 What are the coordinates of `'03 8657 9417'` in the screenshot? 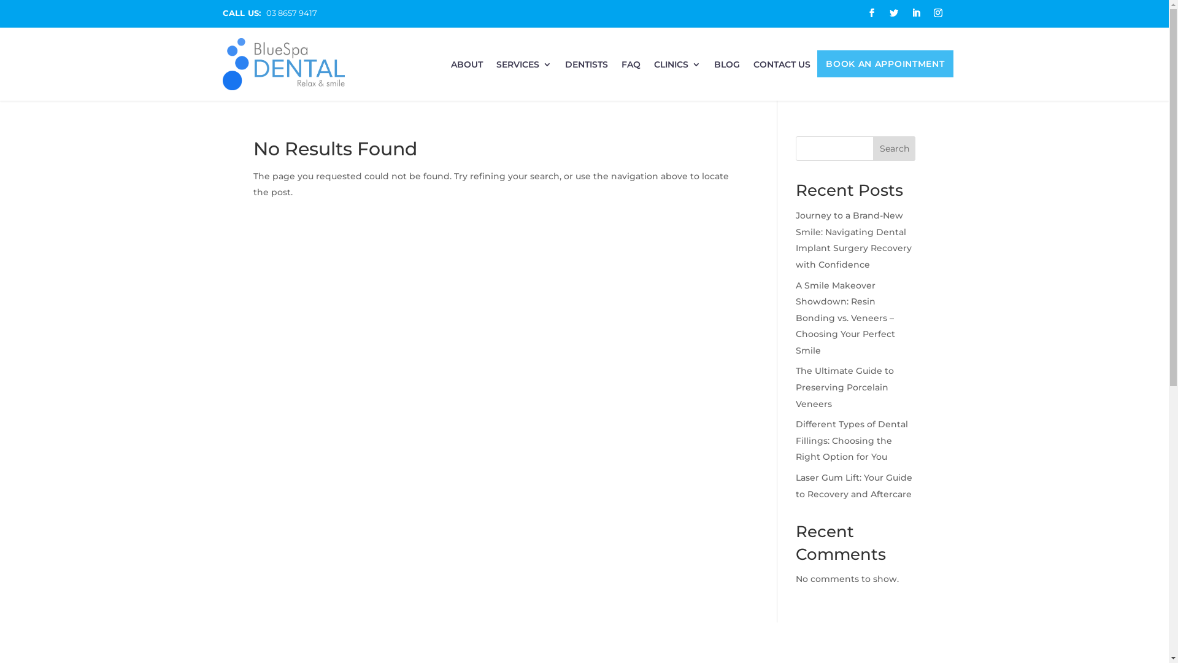 It's located at (291, 12).